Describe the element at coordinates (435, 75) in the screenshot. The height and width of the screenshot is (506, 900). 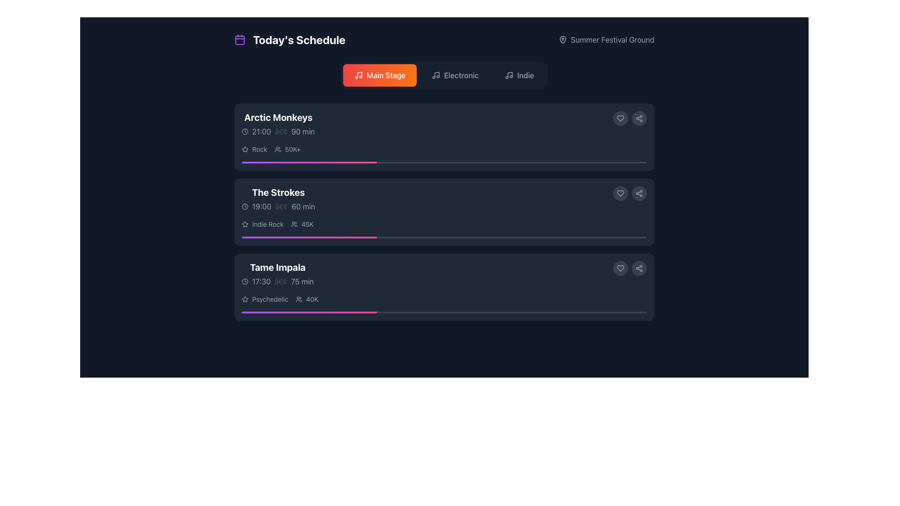
I see `the small music note icon located to the left of the 'Electronic' text in the navigation bar` at that location.